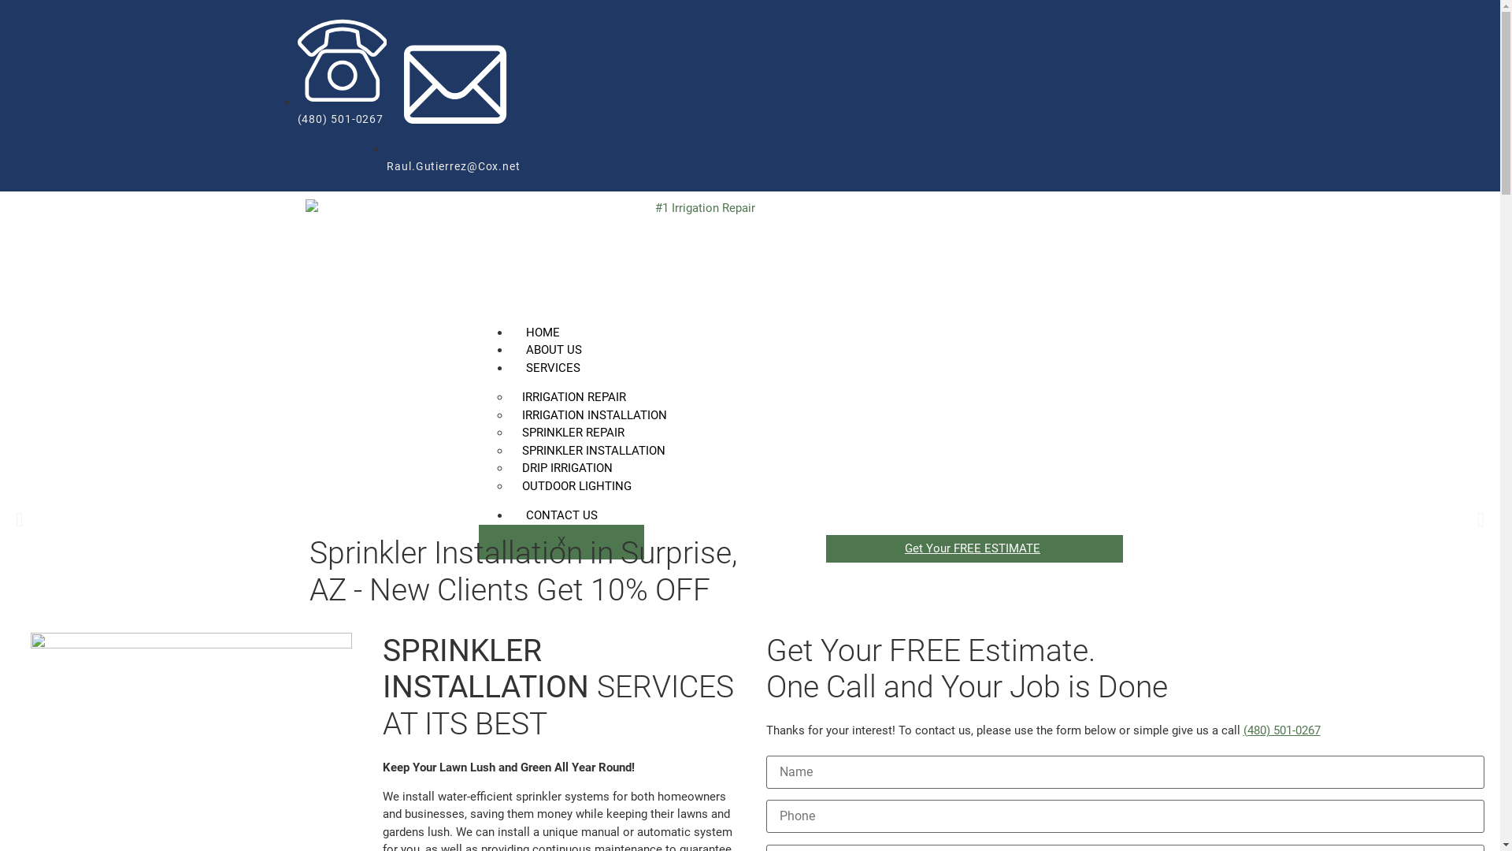  What do you see at coordinates (561, 541) in the screenshot?
I see `'X'` at bounding box center [561, 541].